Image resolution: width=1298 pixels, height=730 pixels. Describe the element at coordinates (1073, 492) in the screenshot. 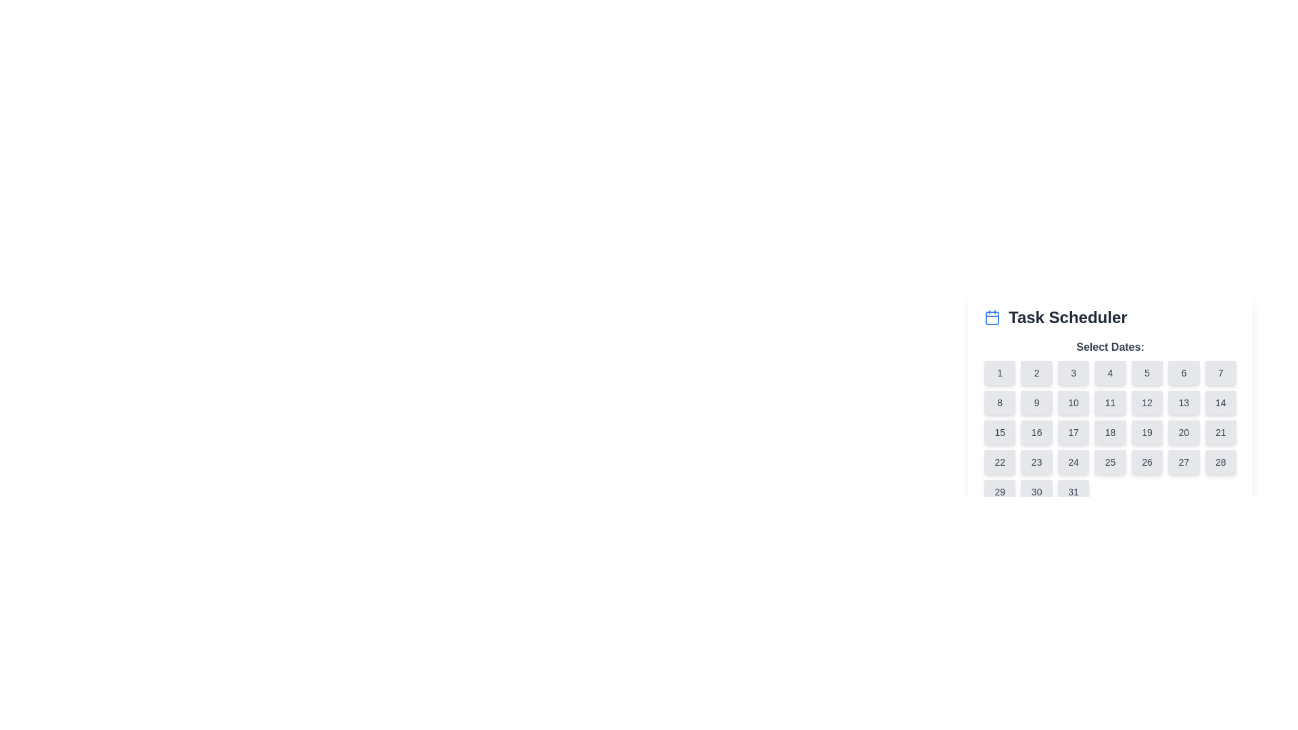

I see `the date selection button labeled '31' located in the bottom-right corner of the grid layout for keyboard interaction` at that location.